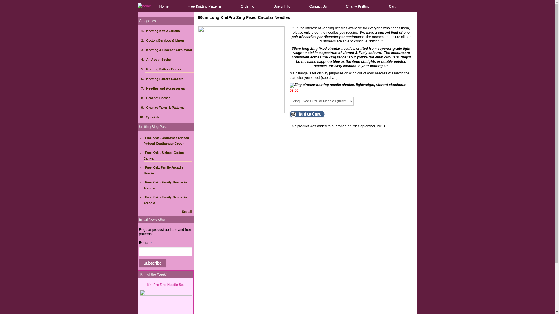 The height and width of the screenshot is (314, 559). I want to click on 'Free Knit - Christmas Striped Padded Coathanger Cover', so click(166, 140).